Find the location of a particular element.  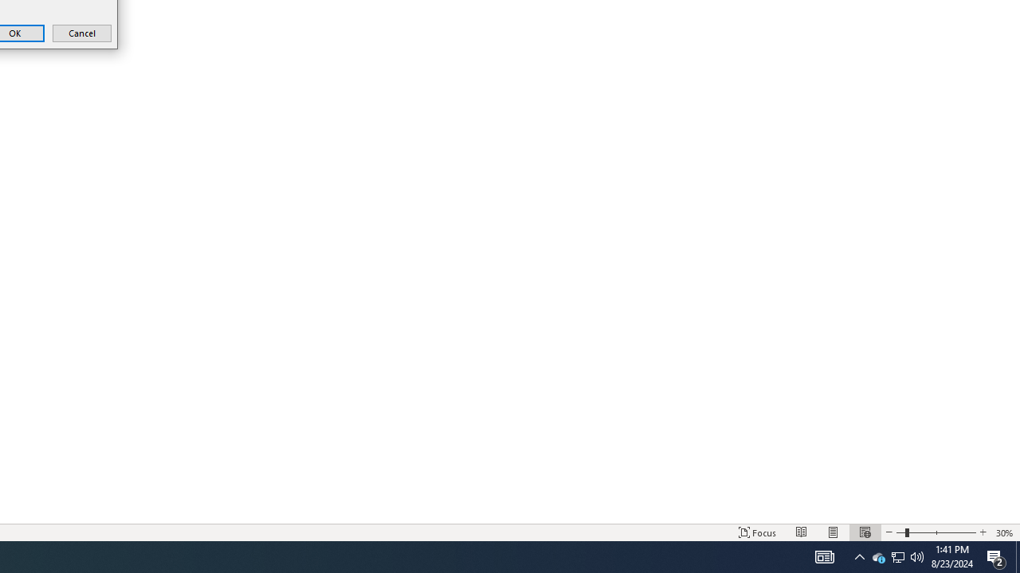

'Cancel' is located at coordinates (81, 33).